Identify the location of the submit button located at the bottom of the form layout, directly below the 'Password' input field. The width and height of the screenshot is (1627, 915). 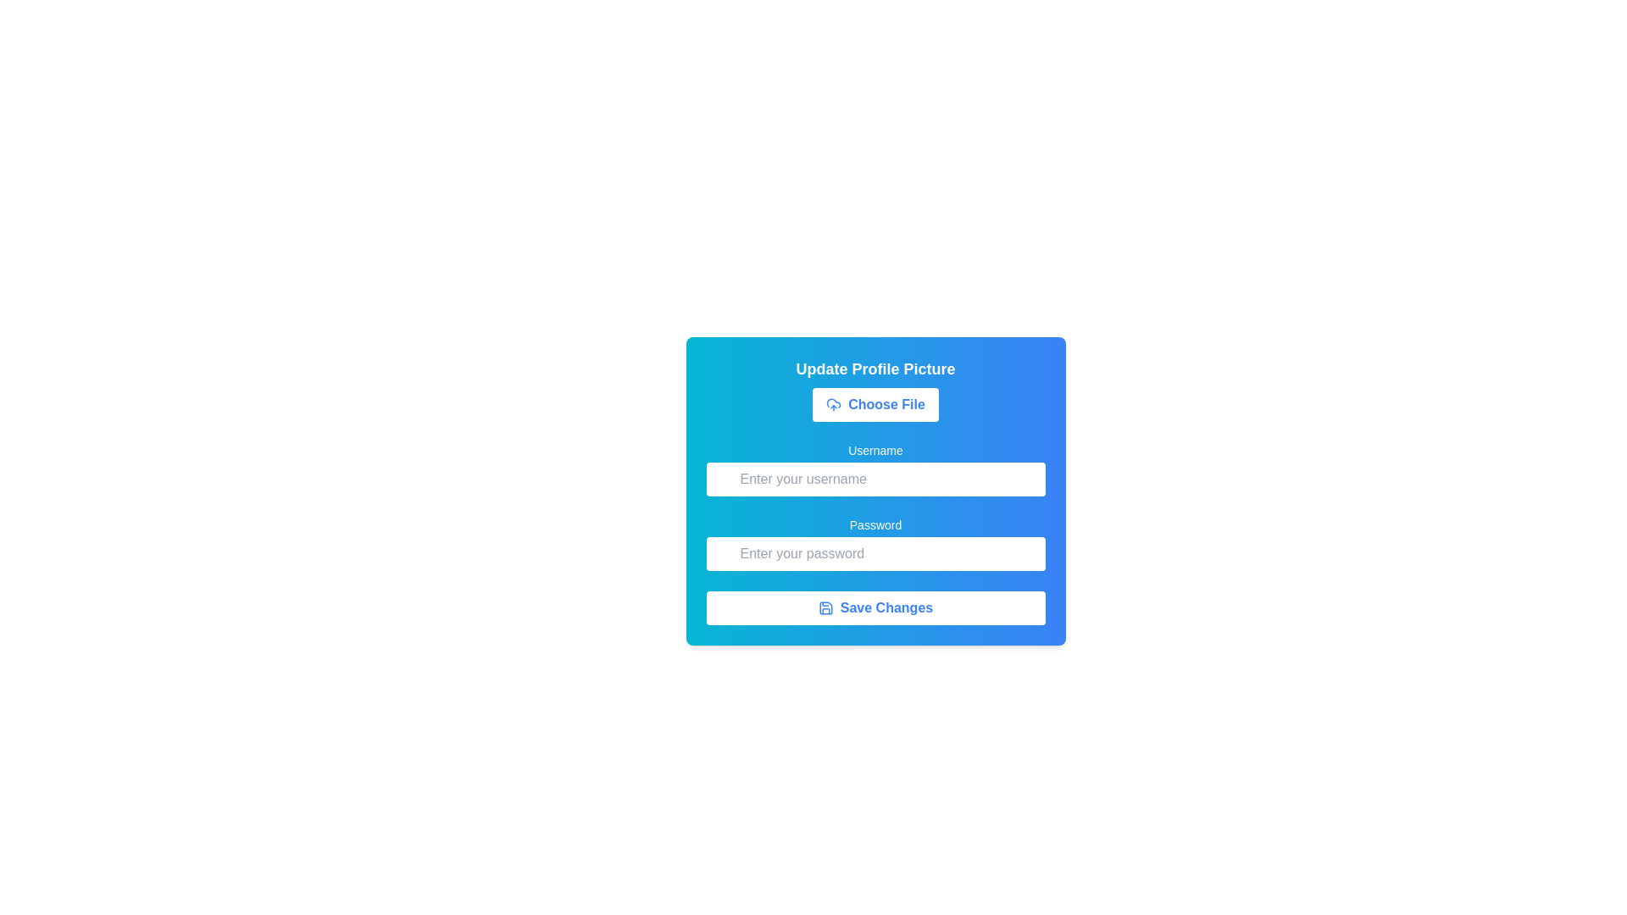
(875, 607).